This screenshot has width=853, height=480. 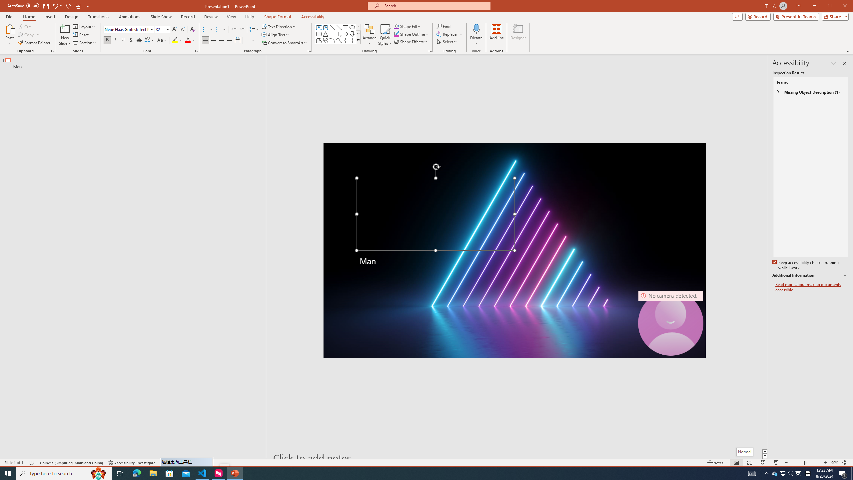 What do you see at coordinates (131, 40) in the screenshot?
I see `'Shadow'` at bounding box center [131, 40].